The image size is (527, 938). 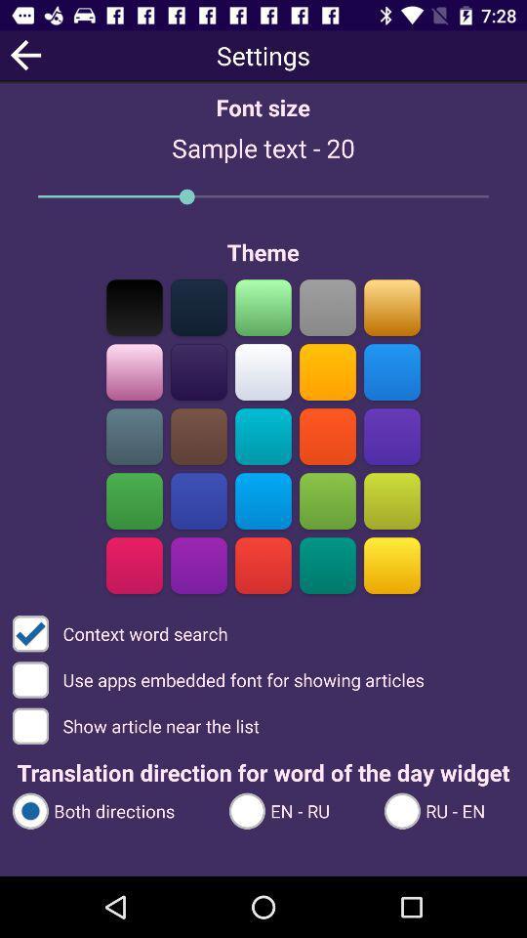 What do you see at coordinates (198, 371) in the screenshot?
I see `theme change option` at bounding box center [198, 371].